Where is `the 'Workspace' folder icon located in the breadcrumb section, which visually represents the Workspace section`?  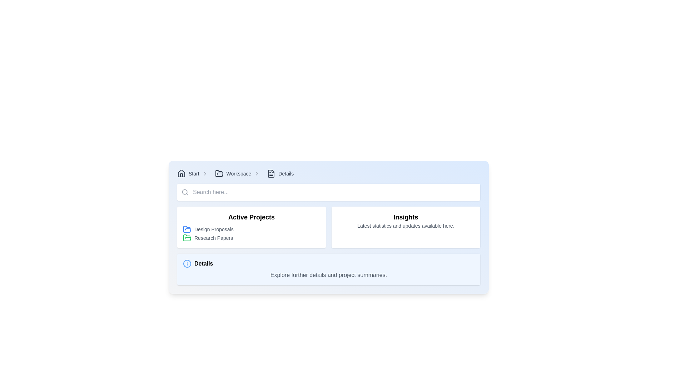
the 'Workspace' folder icon located in the breadcrumb section, which visually represents the Workspace section is located at coordinates (219, 174).